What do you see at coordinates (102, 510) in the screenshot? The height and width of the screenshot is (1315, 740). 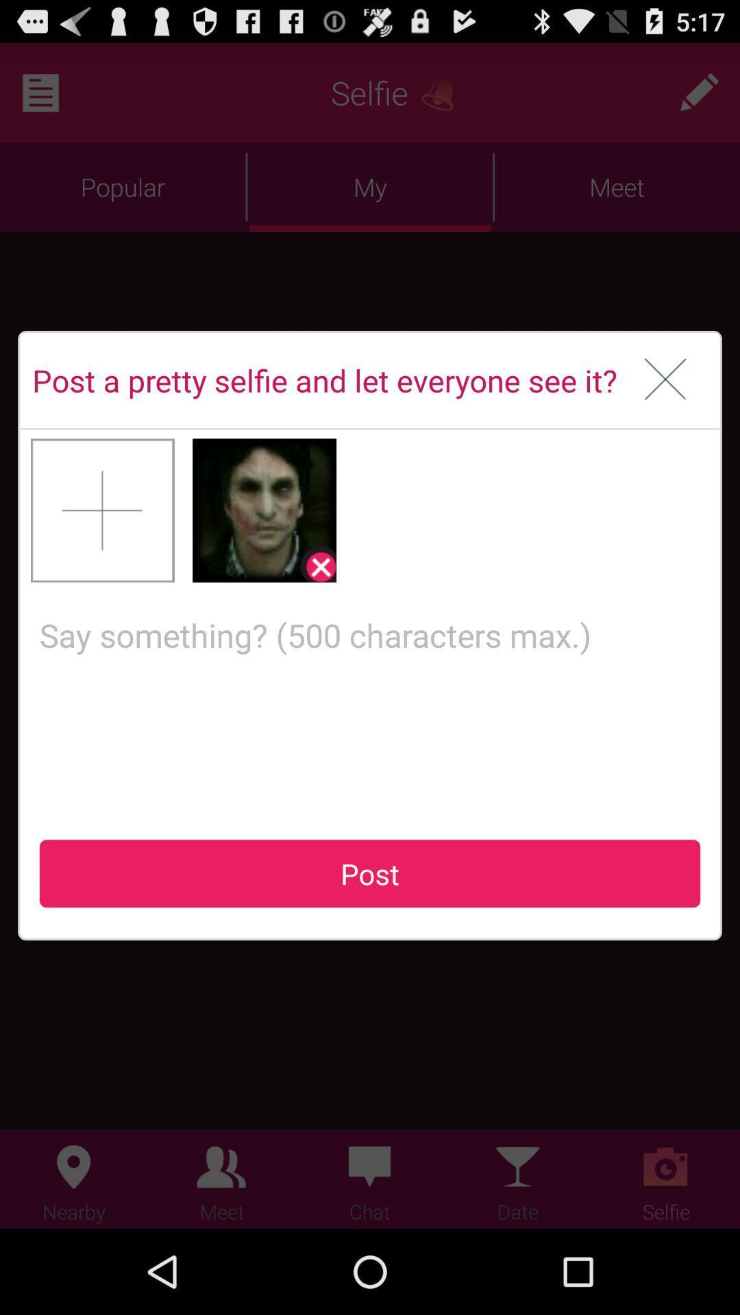 I see `next picture` at bounding box center [102, 510].